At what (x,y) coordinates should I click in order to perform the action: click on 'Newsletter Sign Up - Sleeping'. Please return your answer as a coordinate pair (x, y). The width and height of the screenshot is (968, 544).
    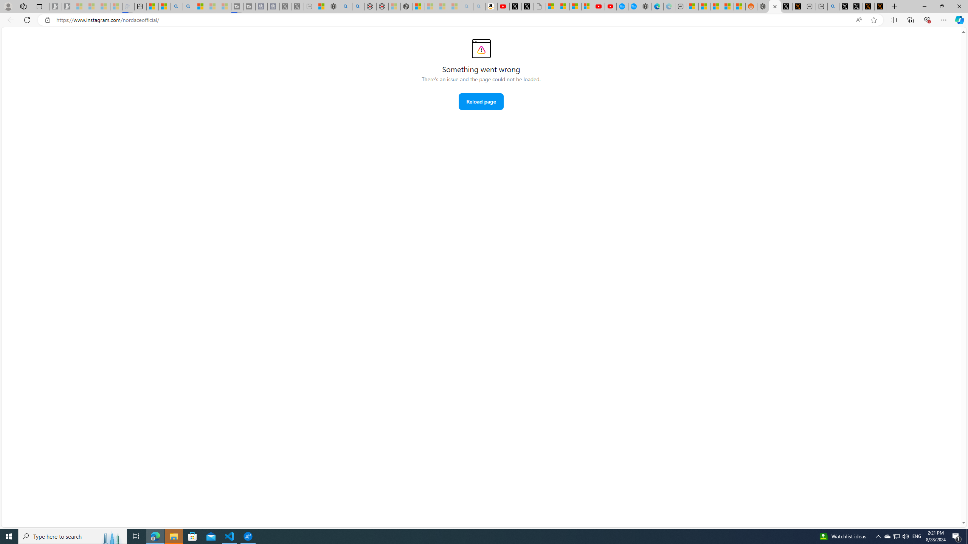
    Looking at the image, I should click on (68, 6).